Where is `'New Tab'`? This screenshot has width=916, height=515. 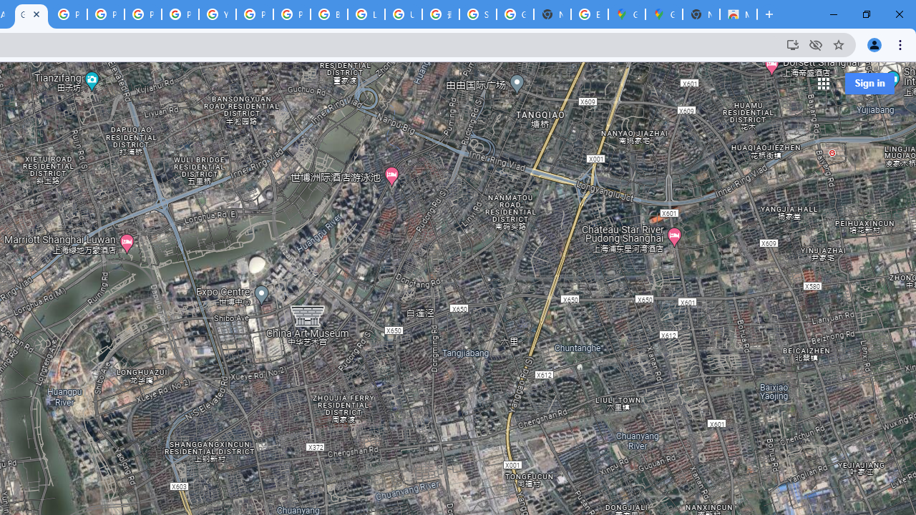
'New Tab' is located at coordinates (701, 14).